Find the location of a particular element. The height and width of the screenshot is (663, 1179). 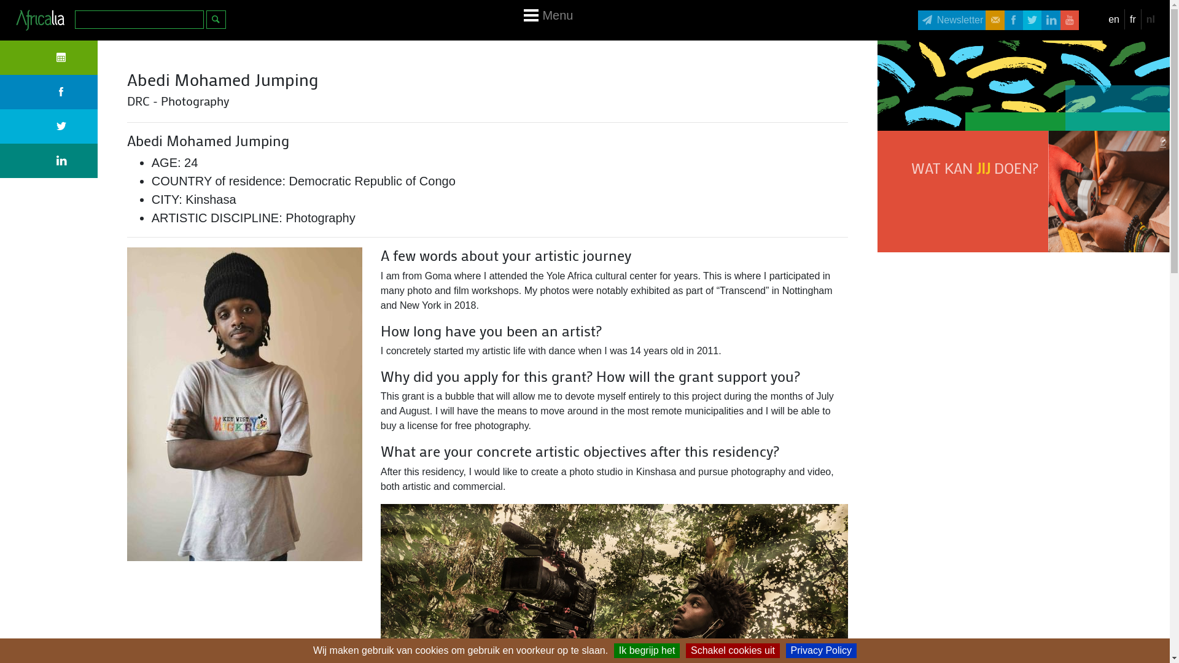

'fr' is located at coordinates (1132, 19).